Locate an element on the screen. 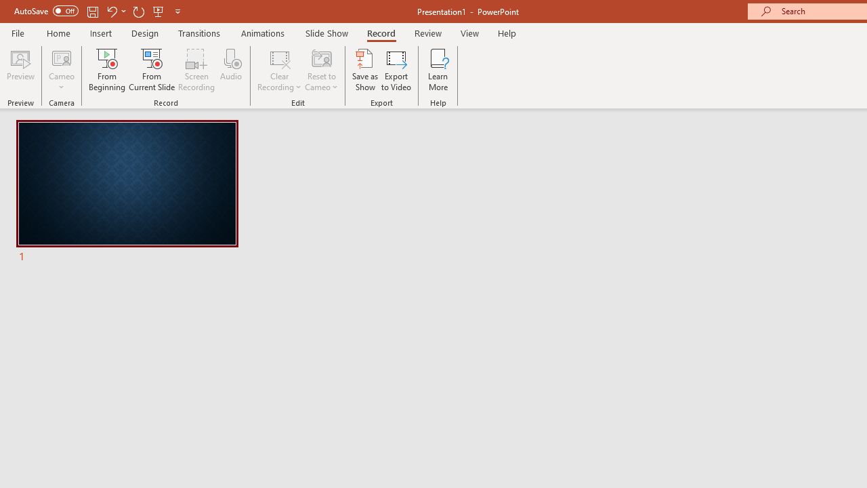 This screenshot has width=867, height=488. 'Save as Show' is located at coordinates (365, 70).